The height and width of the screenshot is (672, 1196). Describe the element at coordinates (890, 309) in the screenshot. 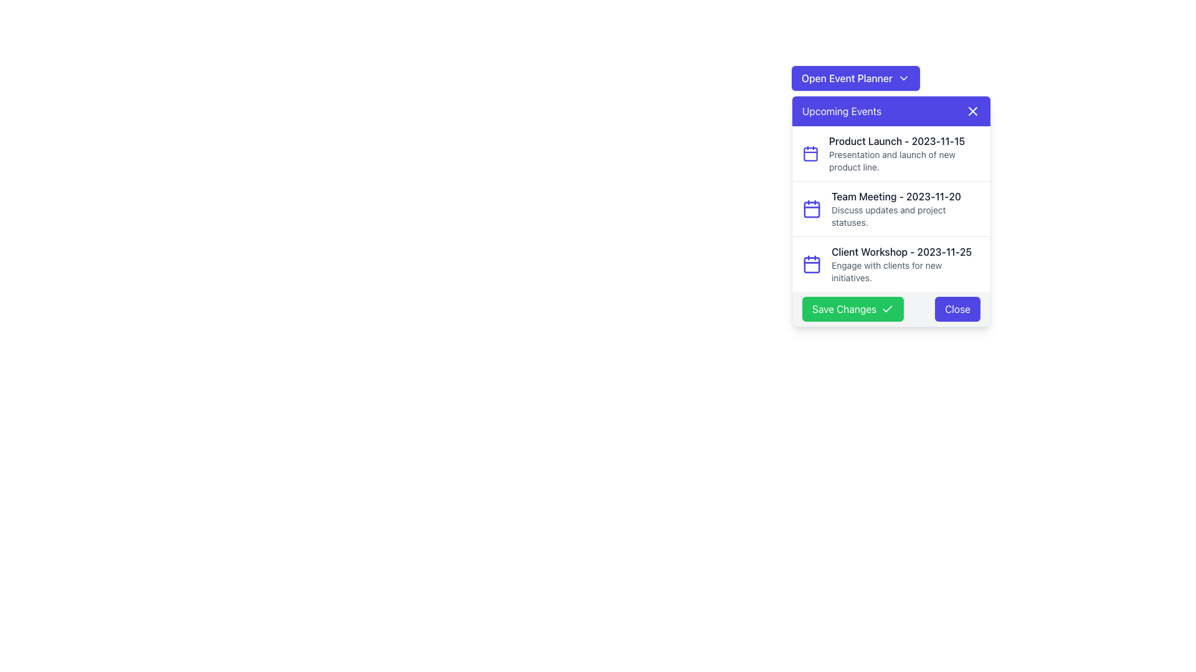

I see `'Save Changes' button with a green background and white text located at the bottom of the 'Upcoming Events' modal for debugging purposes` at that location.